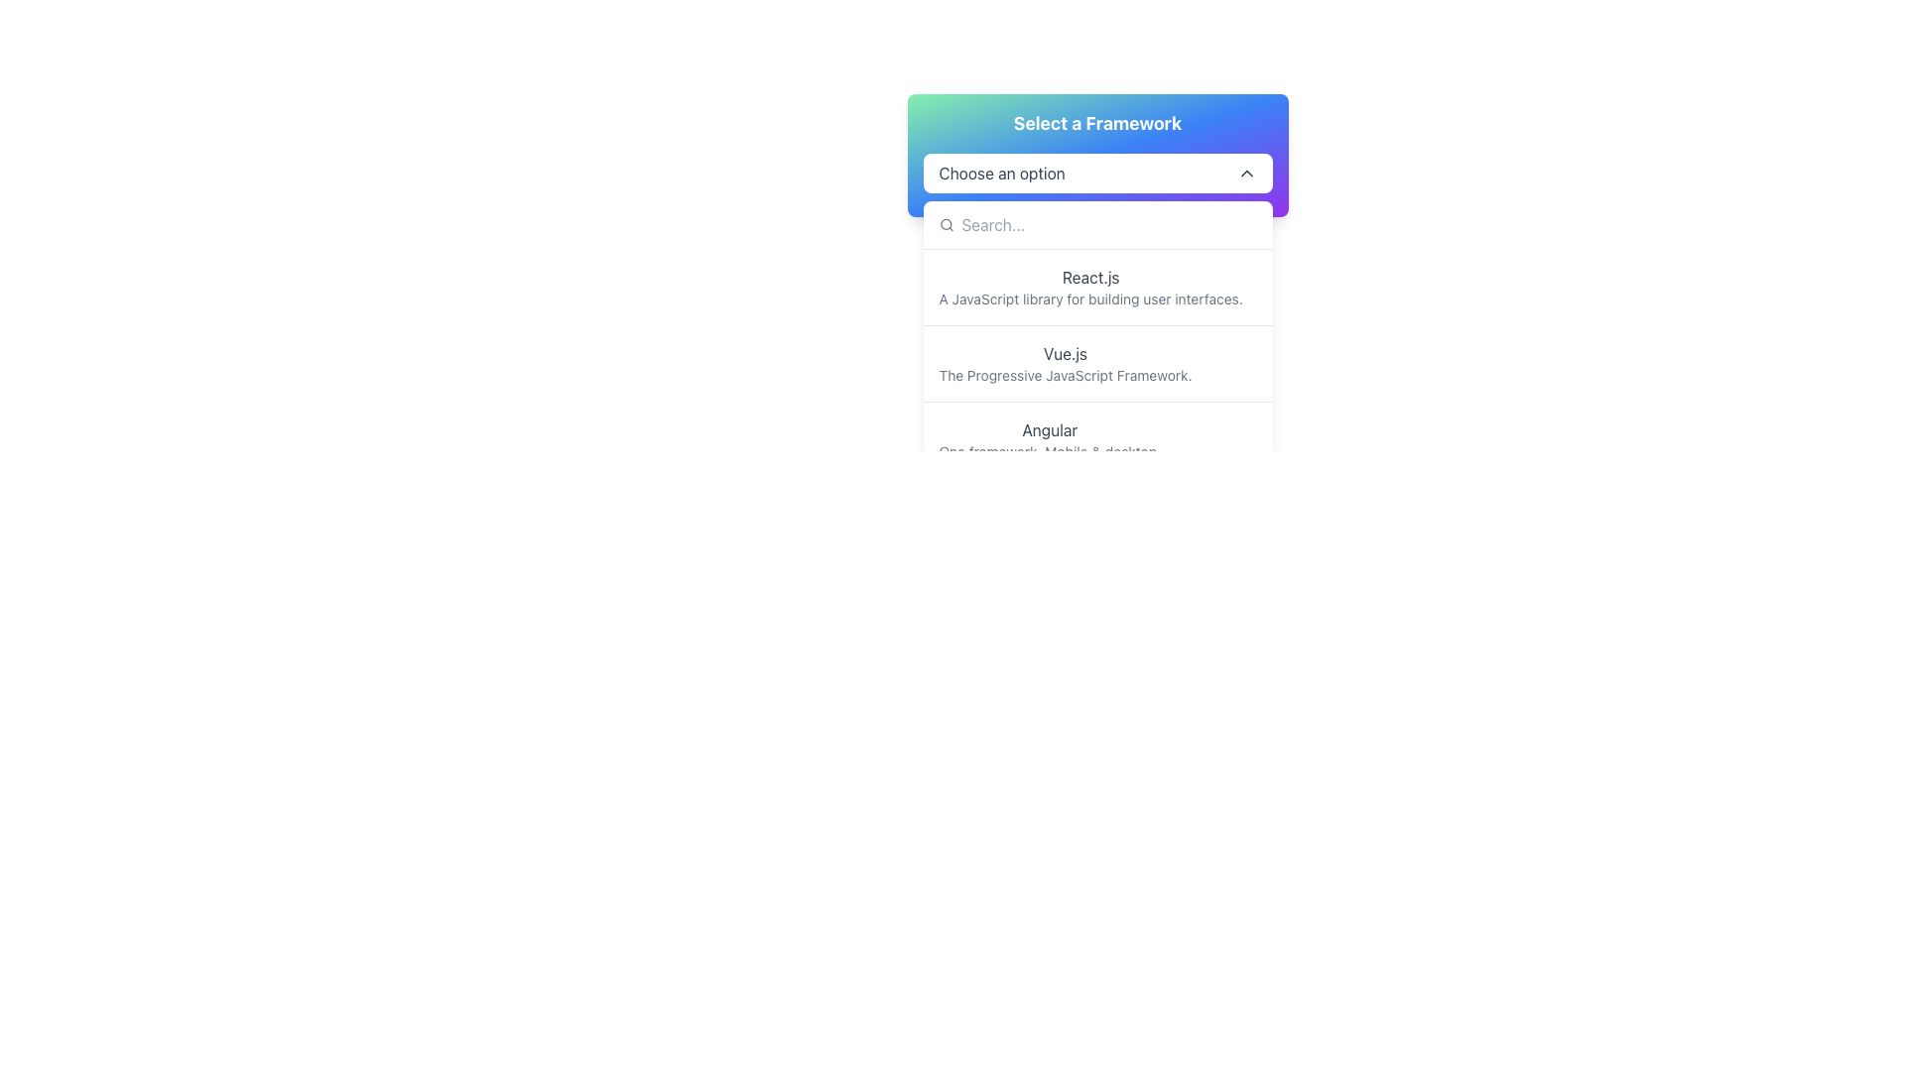 This screenshot has height=1071, width=1905. What do you see at coordinates (1049, 451) in the screenshot?
I see `the text label displaying 'One framework. Mobile & desktop.' located below the 'Angular' option in the dropdown menu` at bounding box center [1049, 451].